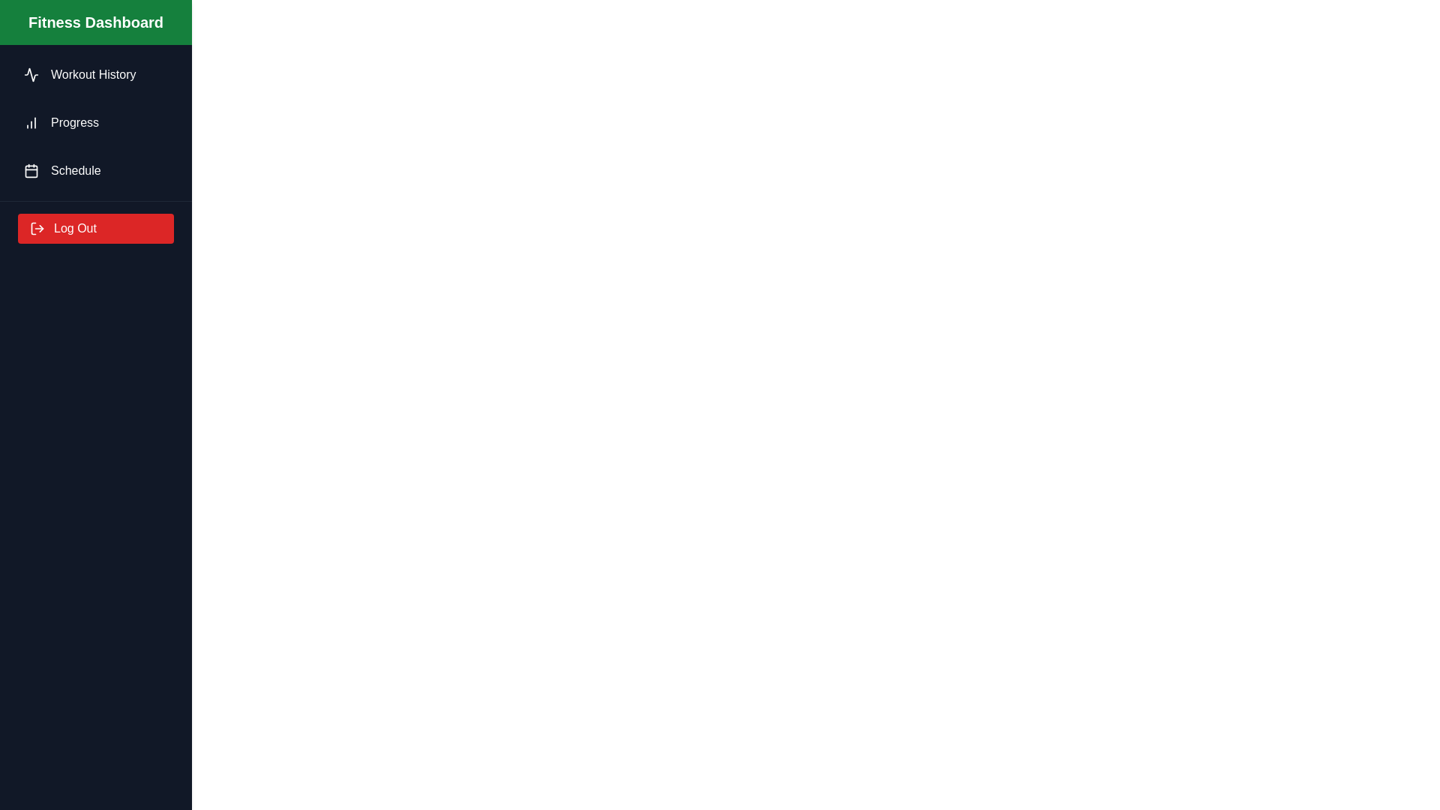 The image size is (1440, 810). Describe the element at coordinates (75, 169) in the screenshot. I see `the 'Schedule' text label, which is the third item in the vertical menu on the left sidebar, displayed in white font on a dark blue background` at that location.